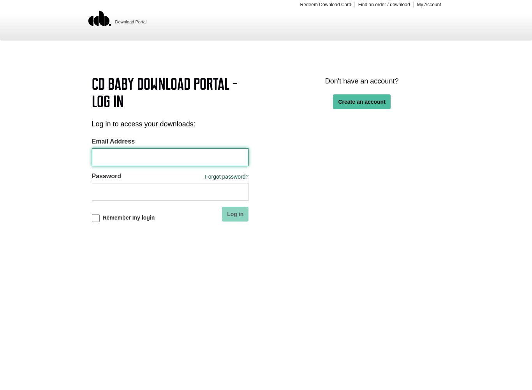 The image size is (532, 390). What do you see at coordinates (324, 81) in the screenshot?
I see `'Don't have an account?'` at bounding box center [324, 81].